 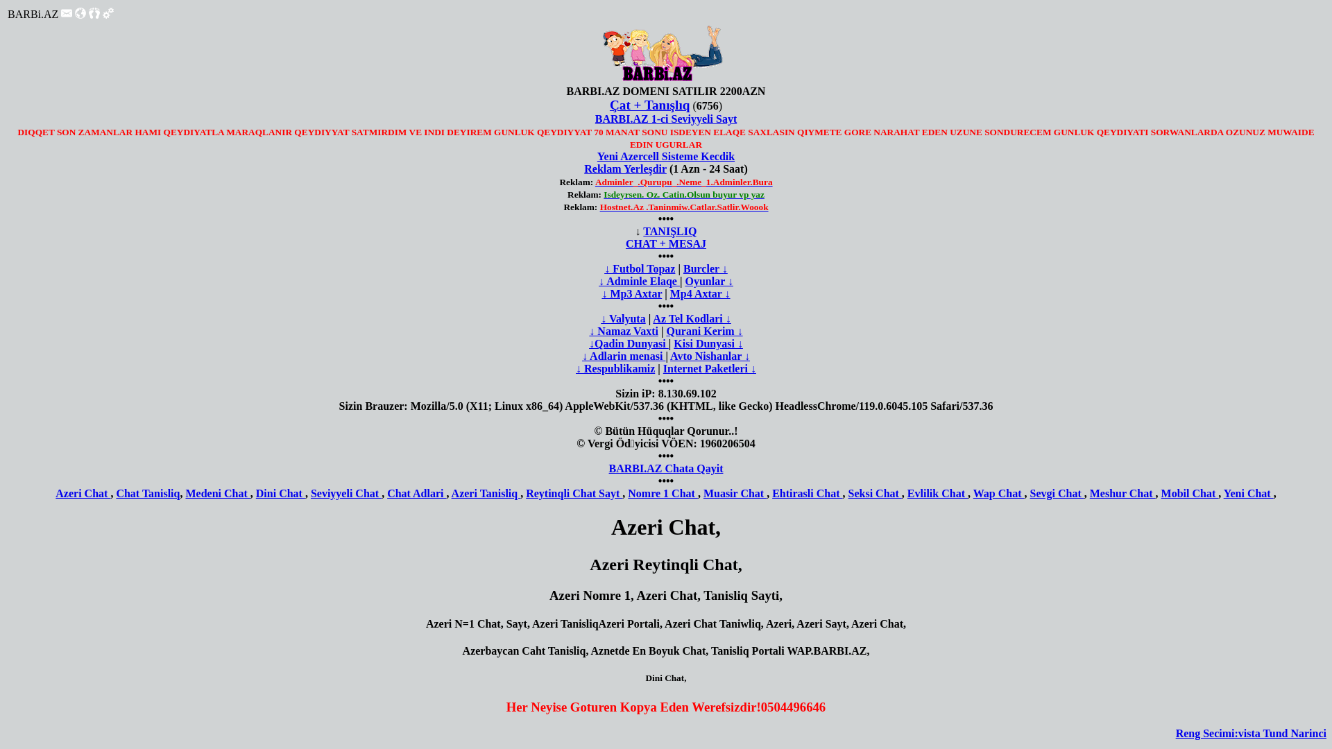 What do you see at coordinates (93, 15) in the screenshot?
I see `'Qonaqlar'` at bounding box center [93, 15].